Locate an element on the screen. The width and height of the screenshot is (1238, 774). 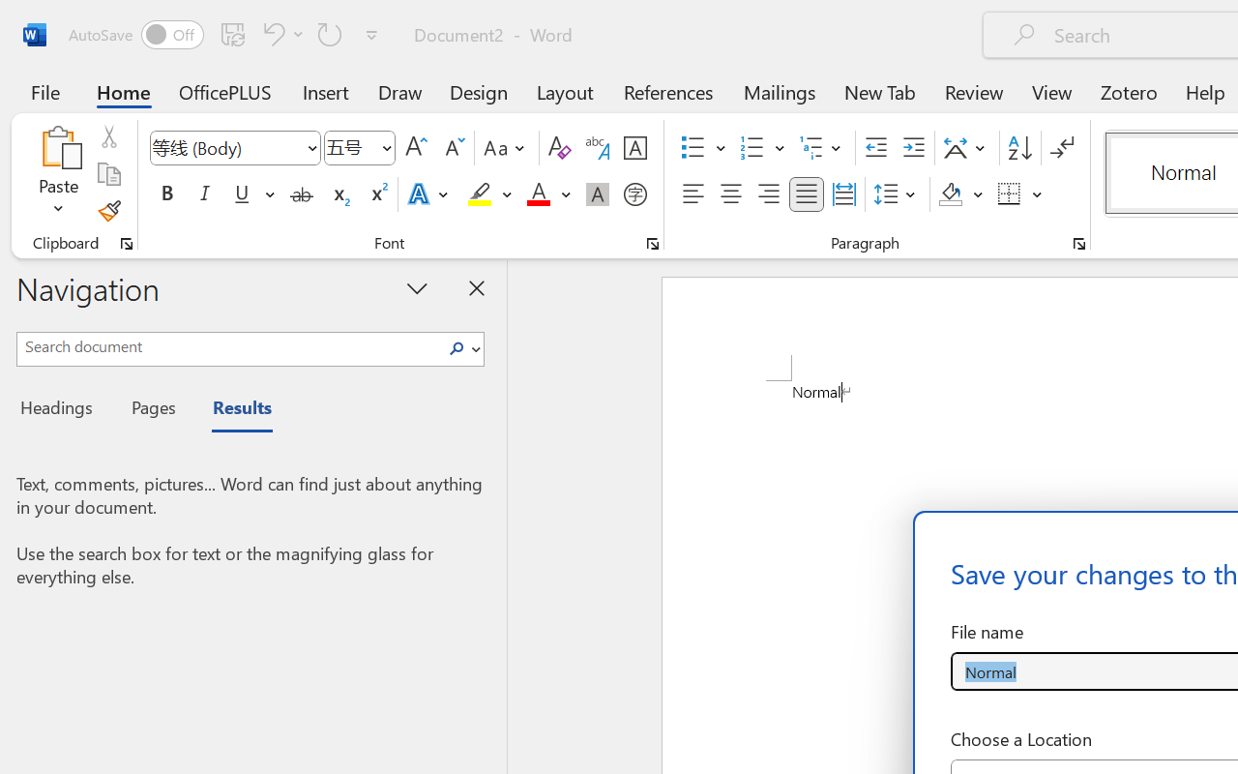
'Decrease Indent' is located at coordinates (875, 148).